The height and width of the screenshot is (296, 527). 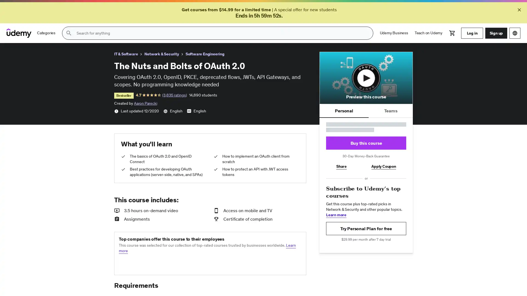 What do you see at coordinates (366, 78) in the screenshot?
I see `Play course preview` at bounding box center [366, 78].